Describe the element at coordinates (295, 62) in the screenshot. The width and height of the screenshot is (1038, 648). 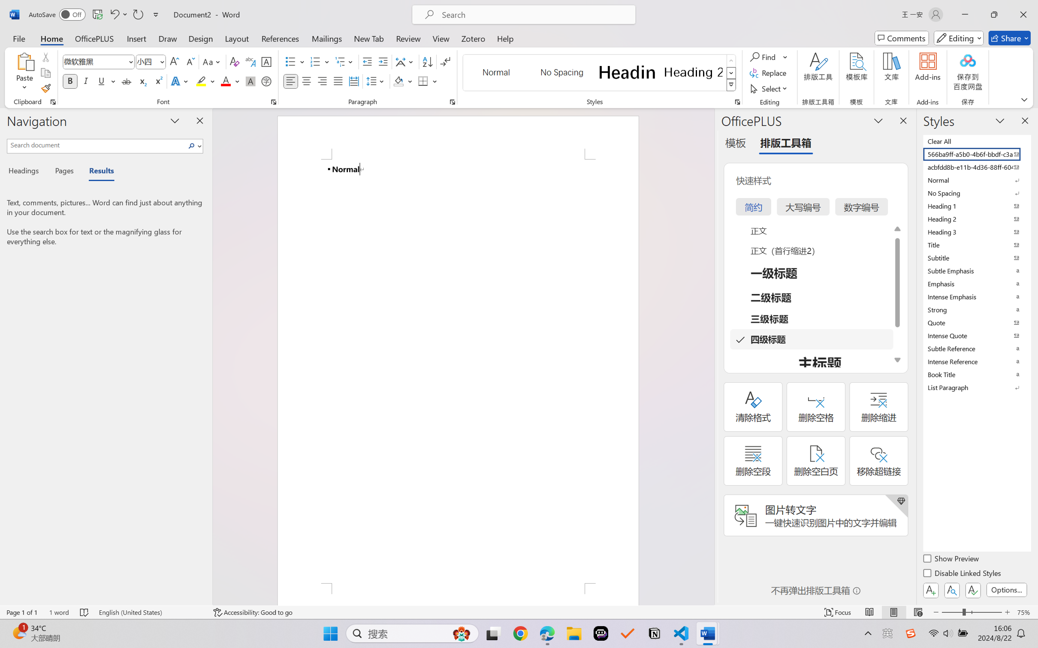
I see `'Bullets'` at that location.